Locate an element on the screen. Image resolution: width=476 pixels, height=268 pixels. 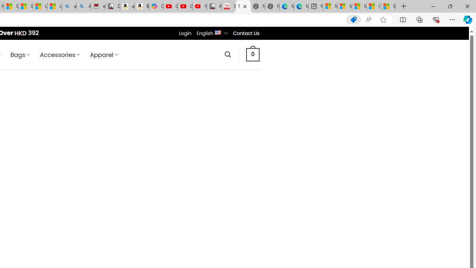
'Amazon Echo Dot PNG - Search Images' is located at coordinates (84, 6).